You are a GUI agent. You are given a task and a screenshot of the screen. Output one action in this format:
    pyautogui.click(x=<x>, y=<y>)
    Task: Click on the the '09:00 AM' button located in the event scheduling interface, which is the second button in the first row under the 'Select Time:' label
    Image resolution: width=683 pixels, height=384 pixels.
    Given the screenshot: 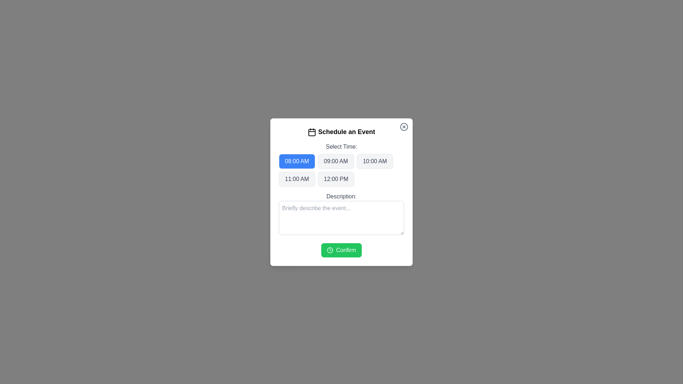 What is the action you would take?
    pyautogui.click(x=335, y=161)
    